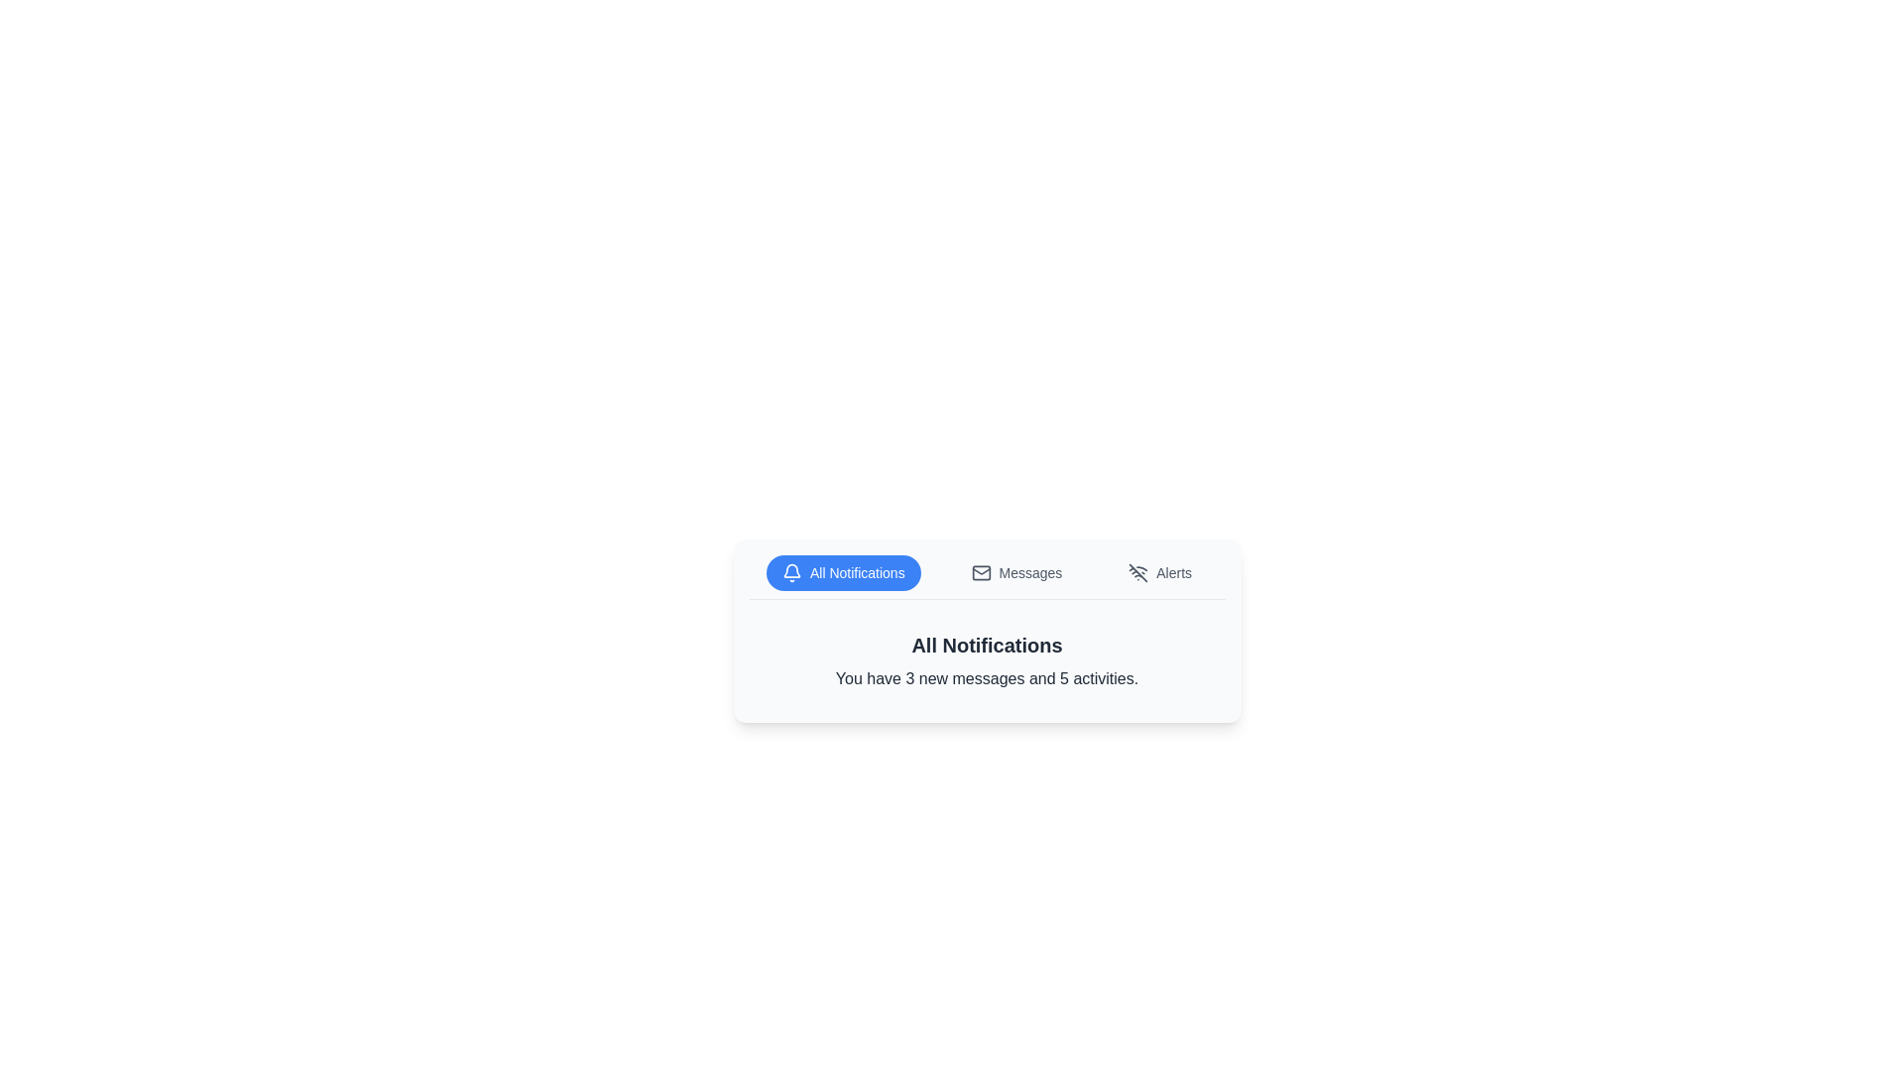 Image resolution: width=1904 pixels, height=1071 pixels. I want to click on the 'Messages' text label located centrally within the navigation row, which indicates the button's purpose, so click(1030, 573).